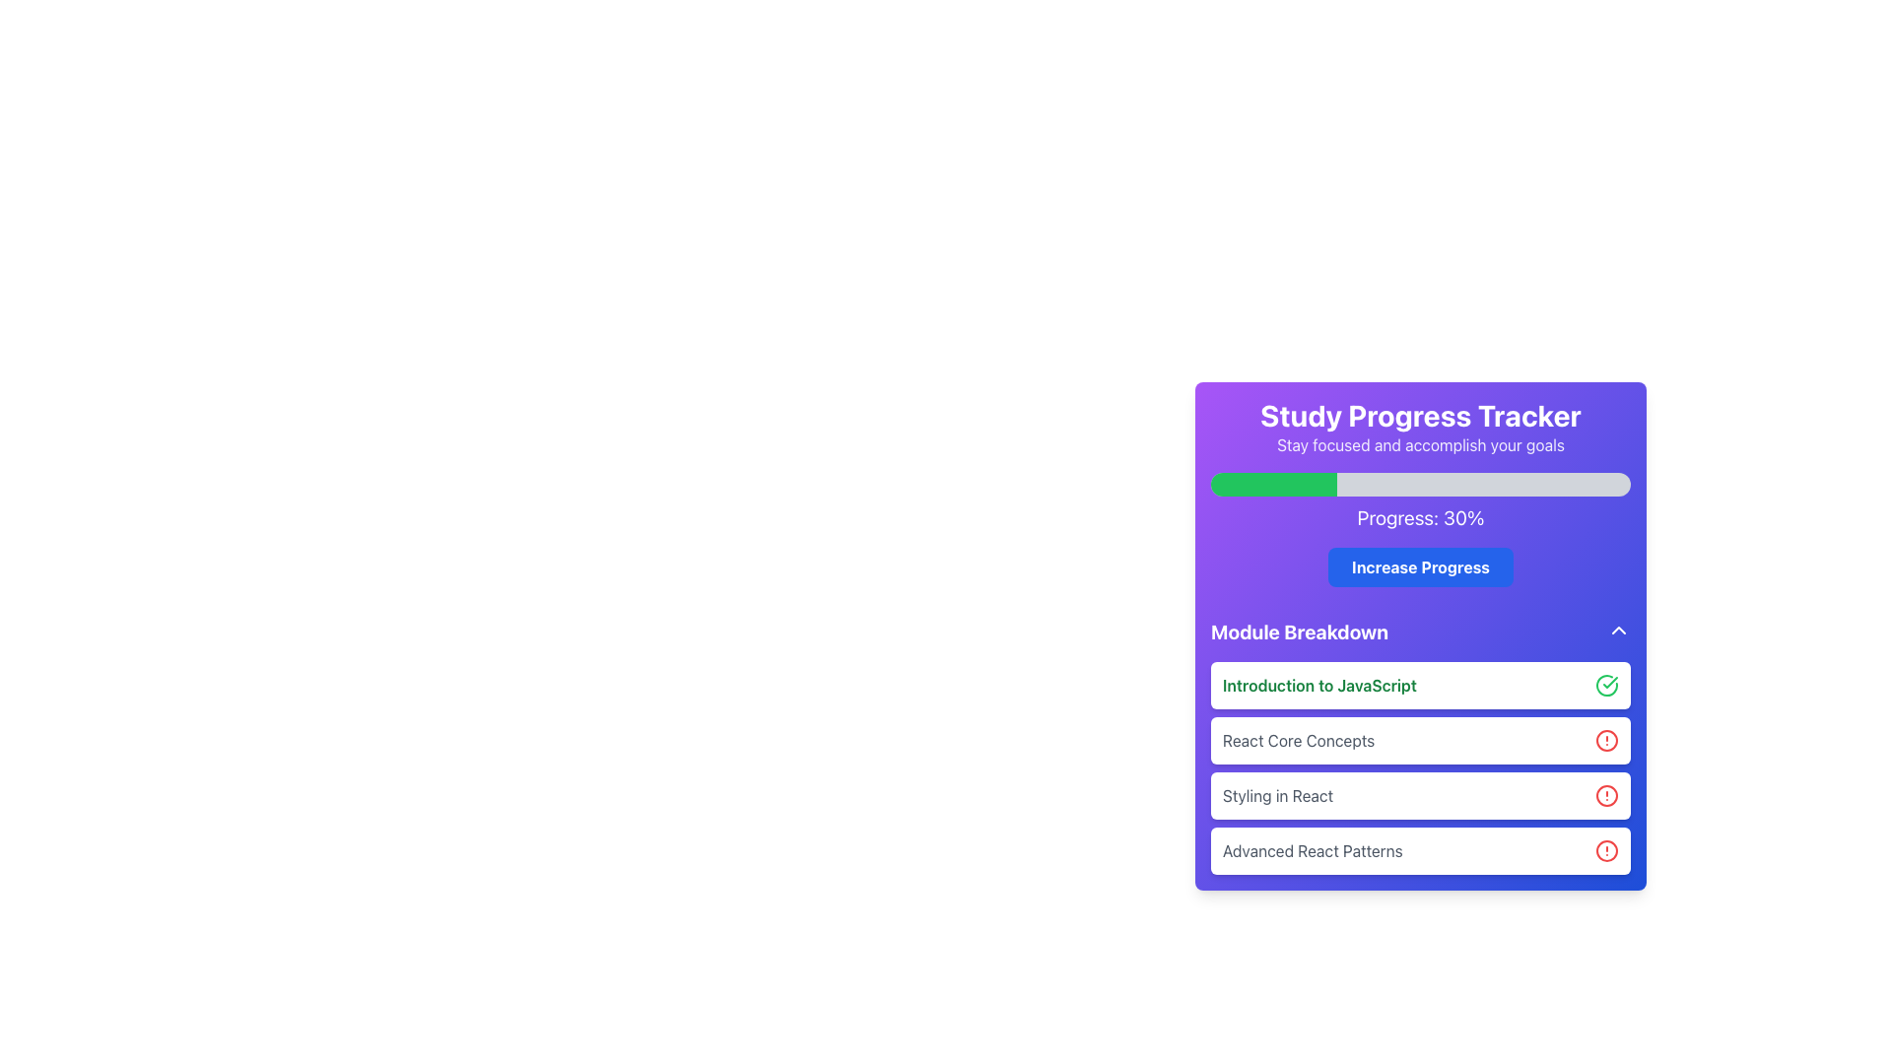  I want to click on the warning or alert indicator icon located on the right side of the 'Styling in React' section within the 'Module Breakdown' area, so click(1607, 794).